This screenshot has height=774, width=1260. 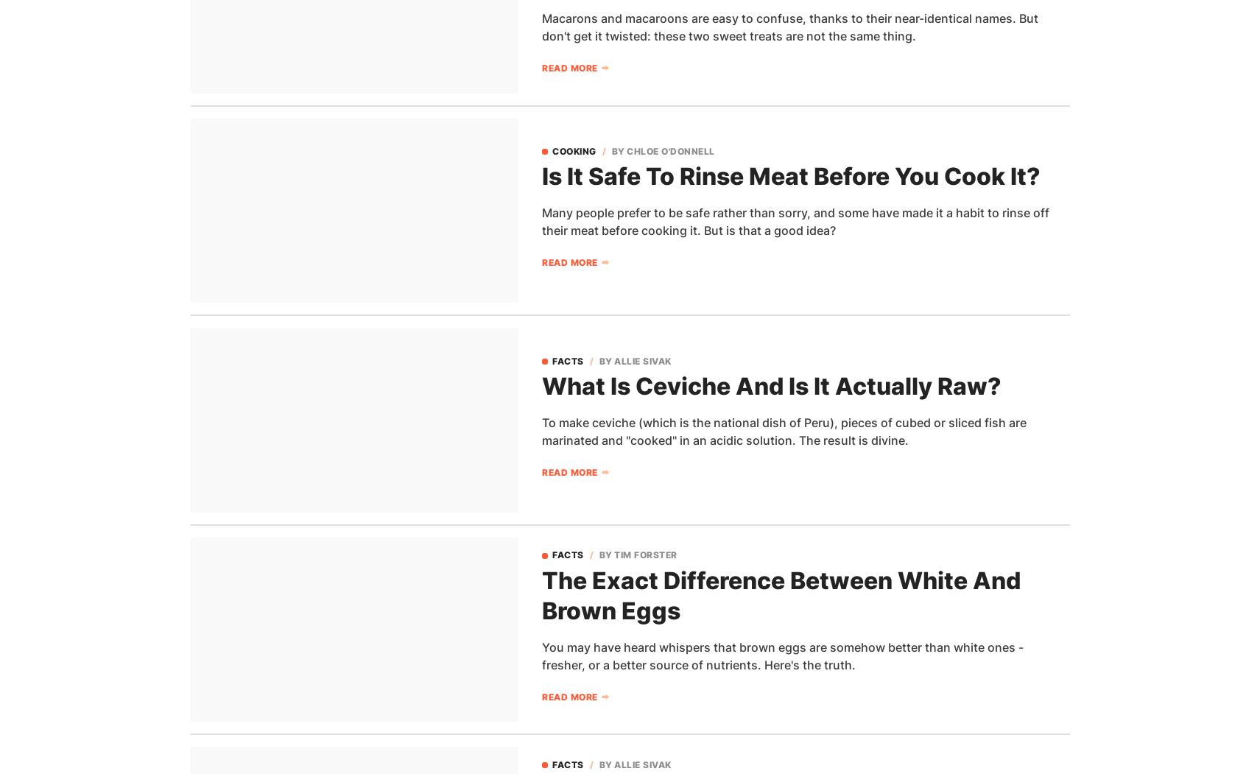 I want to click on 'Is It Safe To Rinse Meat Before You Cook It?', so click(x=791, y=175).